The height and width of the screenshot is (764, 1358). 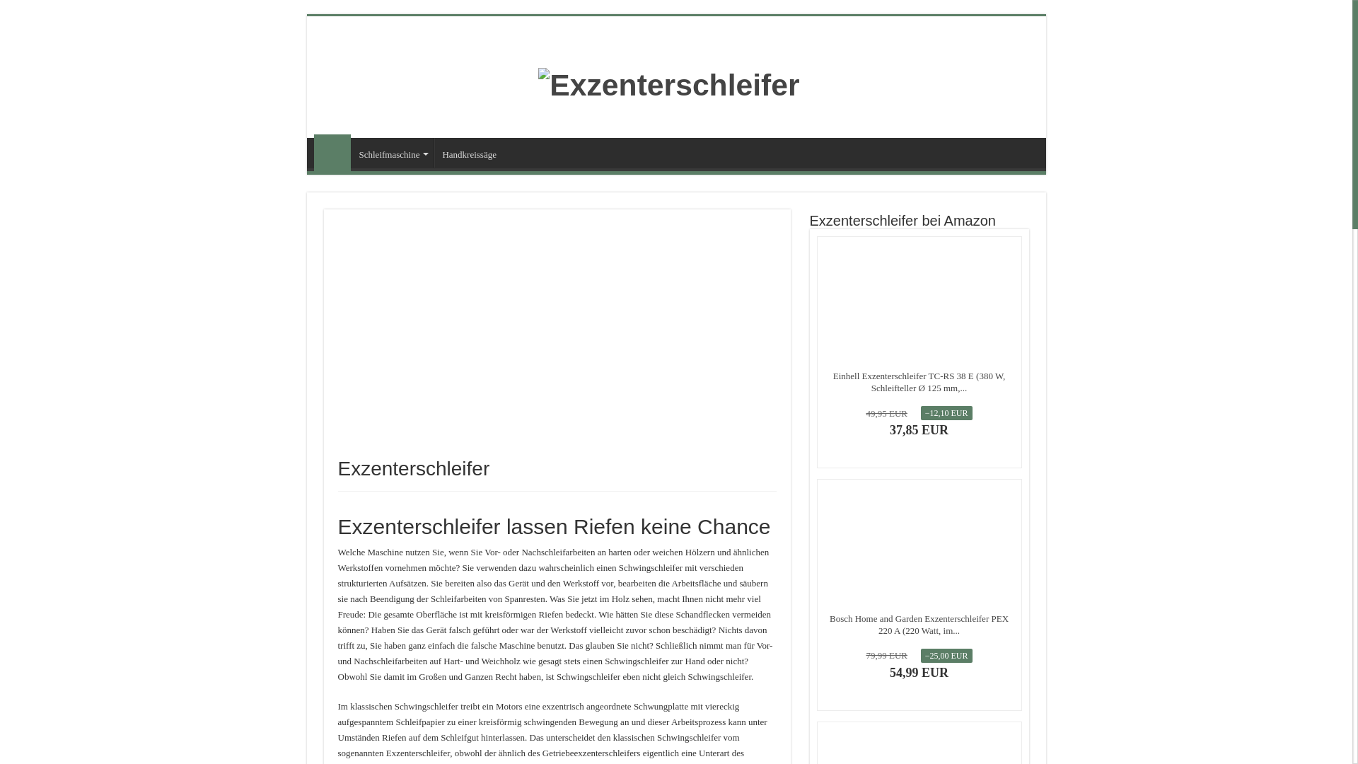 I want to click on 'Exzenterschleifer', so click(x=668, y=82).